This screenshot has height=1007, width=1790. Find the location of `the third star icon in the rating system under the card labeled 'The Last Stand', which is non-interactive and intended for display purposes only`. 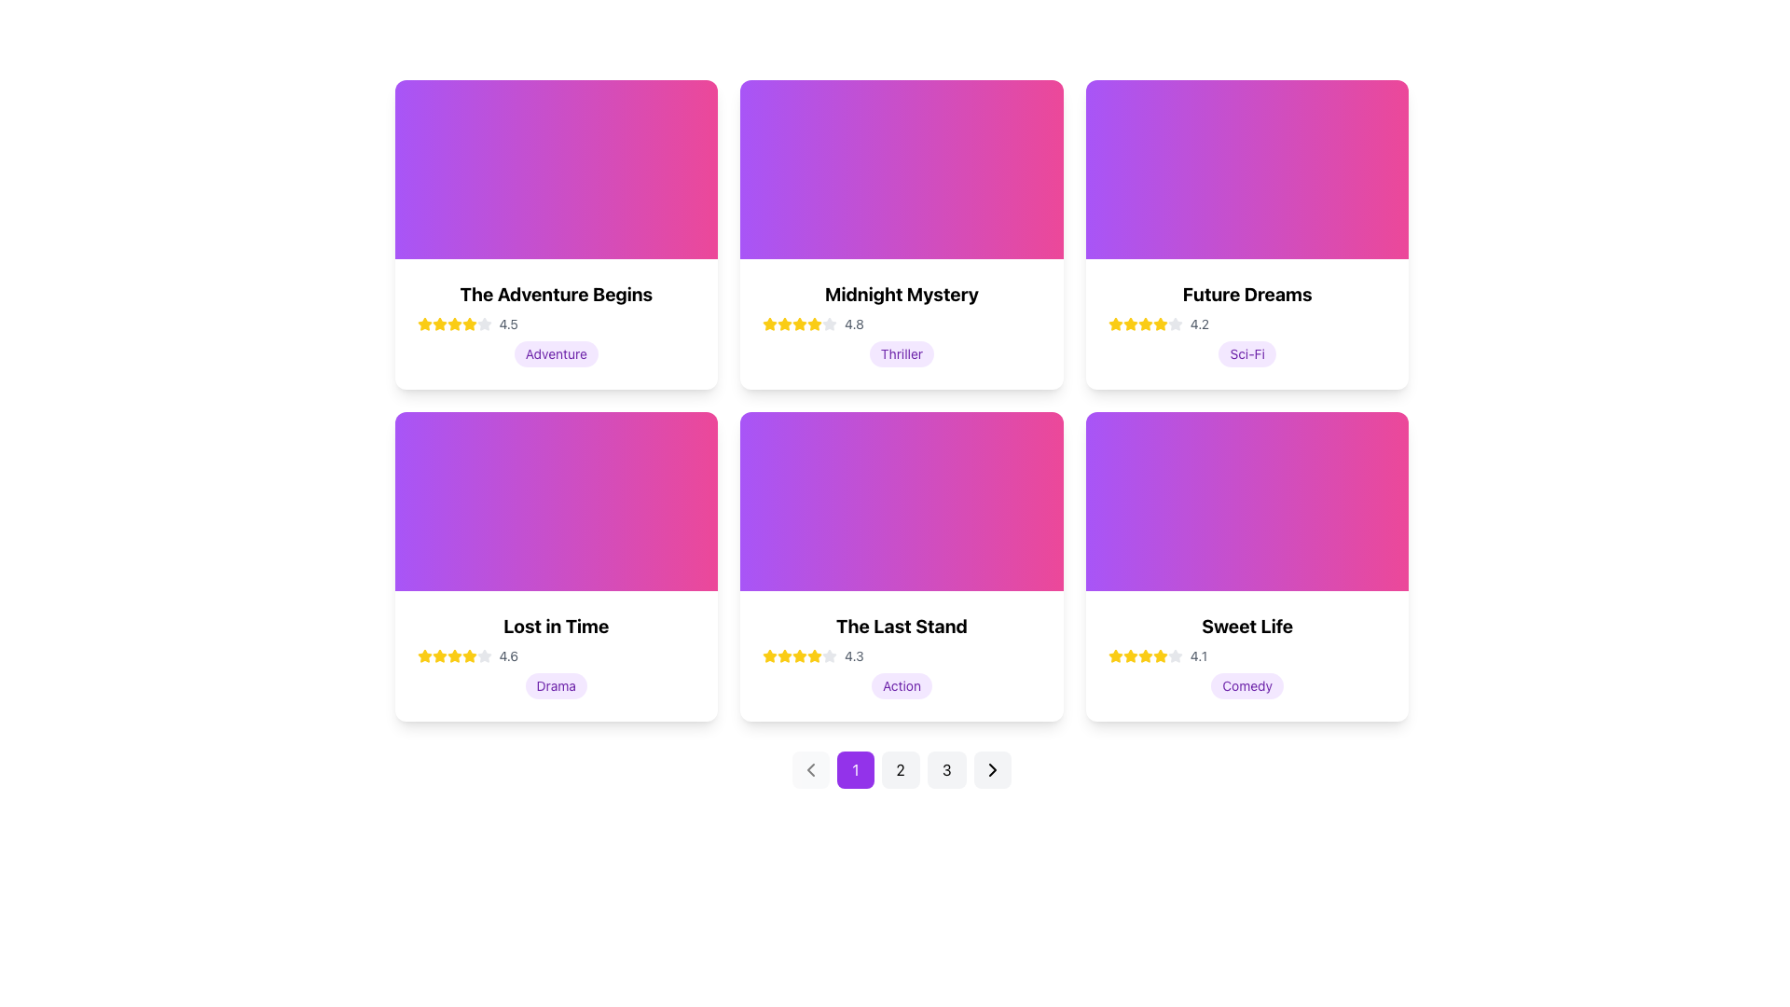

the third star icon in the rating system under the card labeled 'The Last Stand', which is non-interactive and intended for display purposes only is located at coordinates (815, 655).